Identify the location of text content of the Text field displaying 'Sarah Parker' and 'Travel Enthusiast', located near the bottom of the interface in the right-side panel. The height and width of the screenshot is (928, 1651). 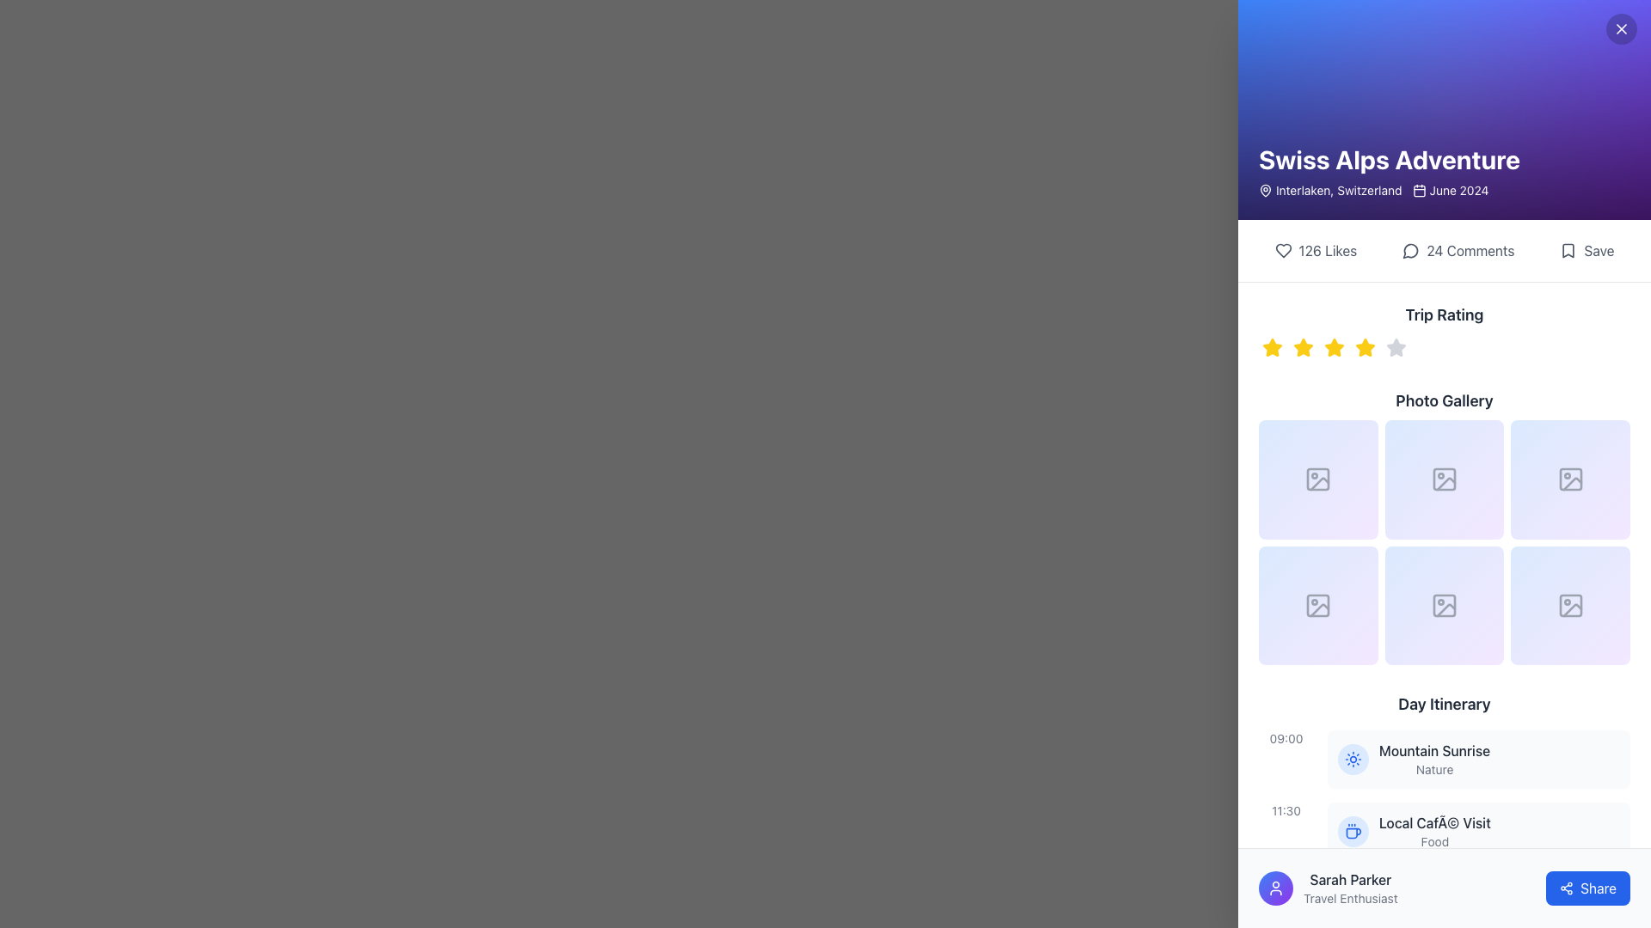
(1349, 888).